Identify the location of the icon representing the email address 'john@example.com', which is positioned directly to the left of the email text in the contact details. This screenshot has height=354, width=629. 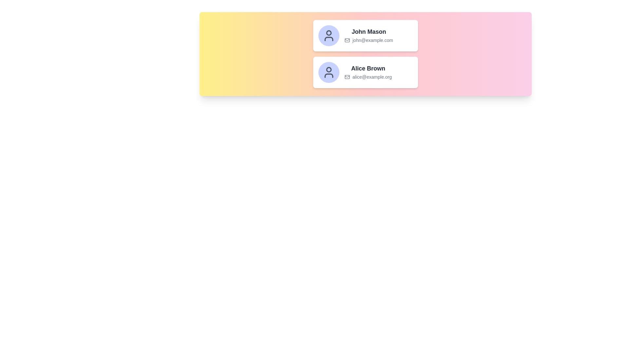
(347, 40).